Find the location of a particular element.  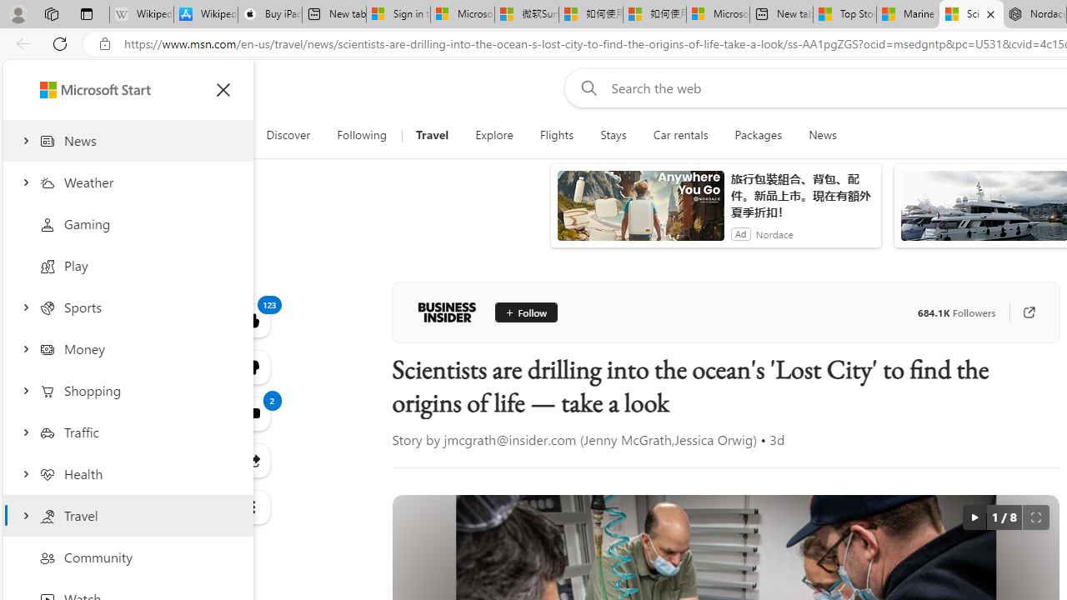

'Packages' is located at coordinates (758, 135).